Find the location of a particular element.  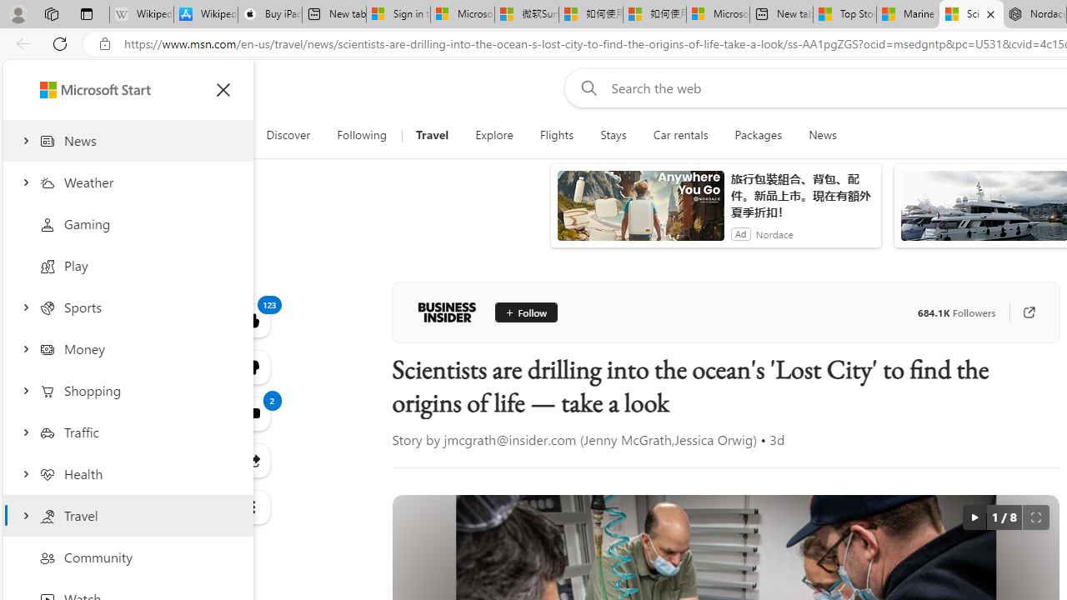

'Packages' is located at coordinates (758, 135).